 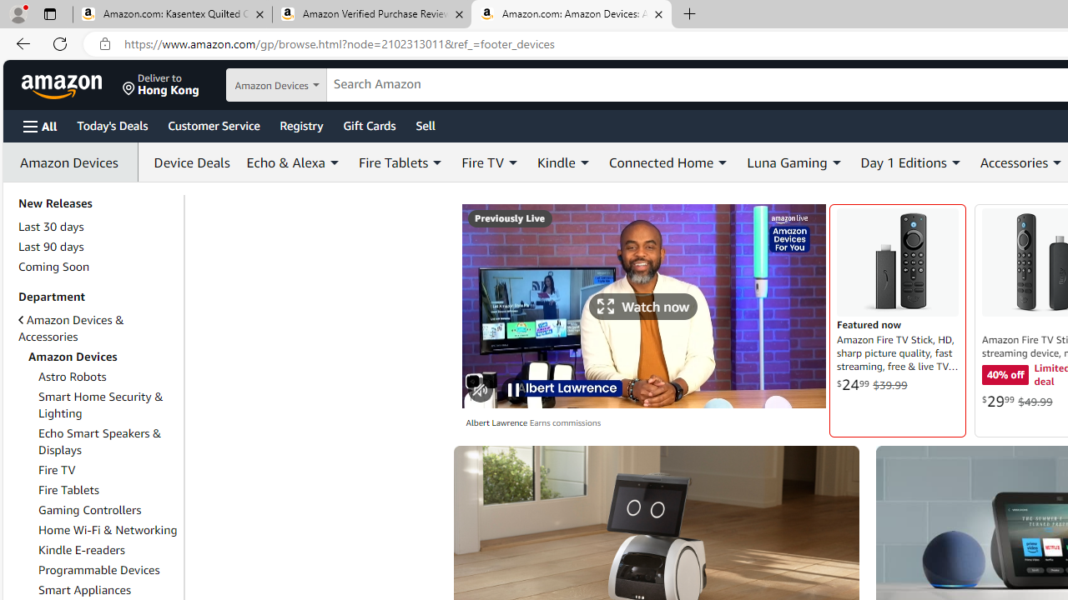 What do you see at coordinates (107, 550) in the screenshot?
I see `'Kindle E-readers'` at bounding box center [107, 550].